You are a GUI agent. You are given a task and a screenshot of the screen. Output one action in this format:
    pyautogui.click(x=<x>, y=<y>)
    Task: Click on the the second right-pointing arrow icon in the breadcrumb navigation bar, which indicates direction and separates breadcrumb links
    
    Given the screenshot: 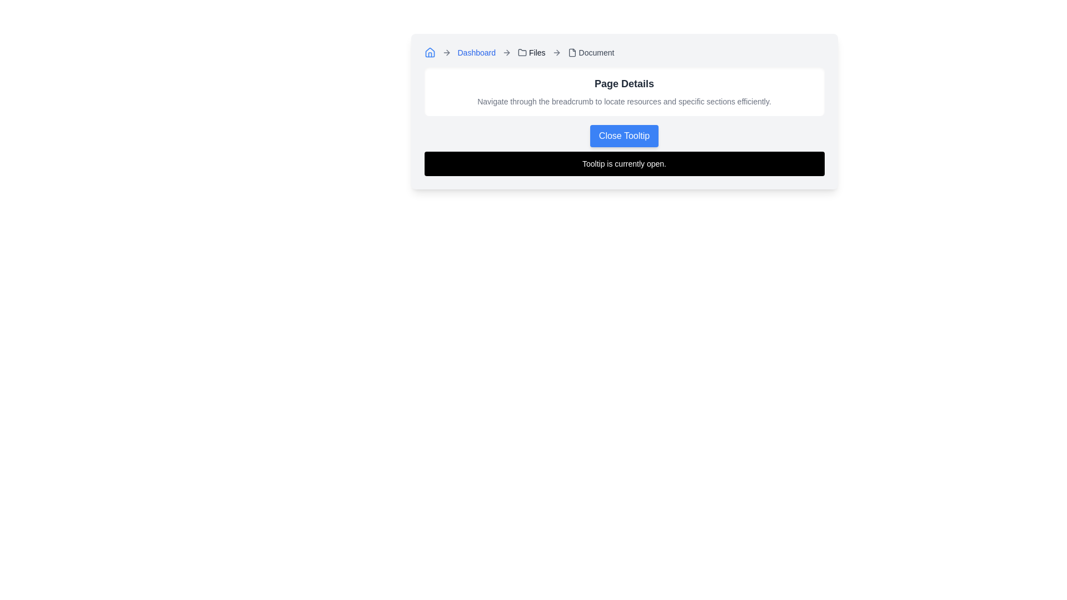 What is the action you would take?
    pyautogui.click(x=506, y=53)
    